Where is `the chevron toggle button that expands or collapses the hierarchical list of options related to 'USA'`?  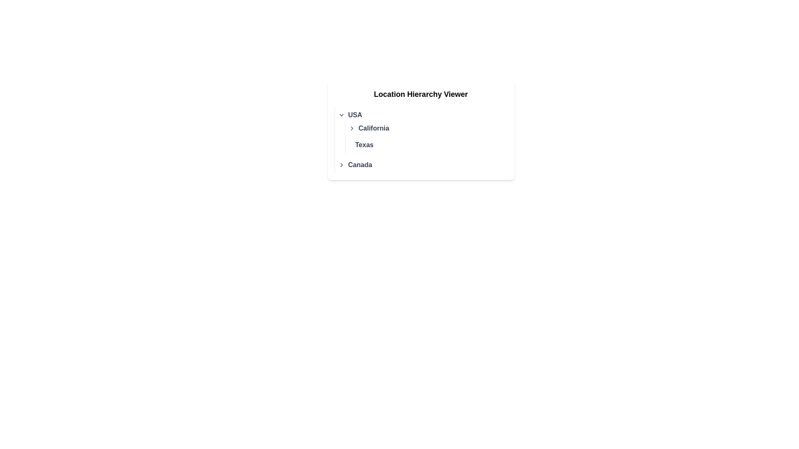
the chevron toggle button that expands or collapses the hierarchical list of options related to 'USA' is located at coordinates (341, 115).